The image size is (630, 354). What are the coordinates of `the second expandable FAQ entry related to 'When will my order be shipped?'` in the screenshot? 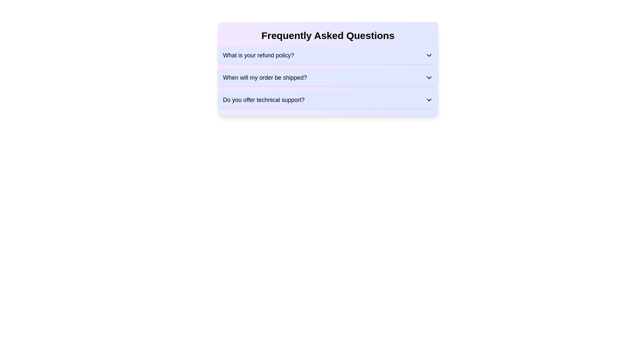 It's located at (328, 77).